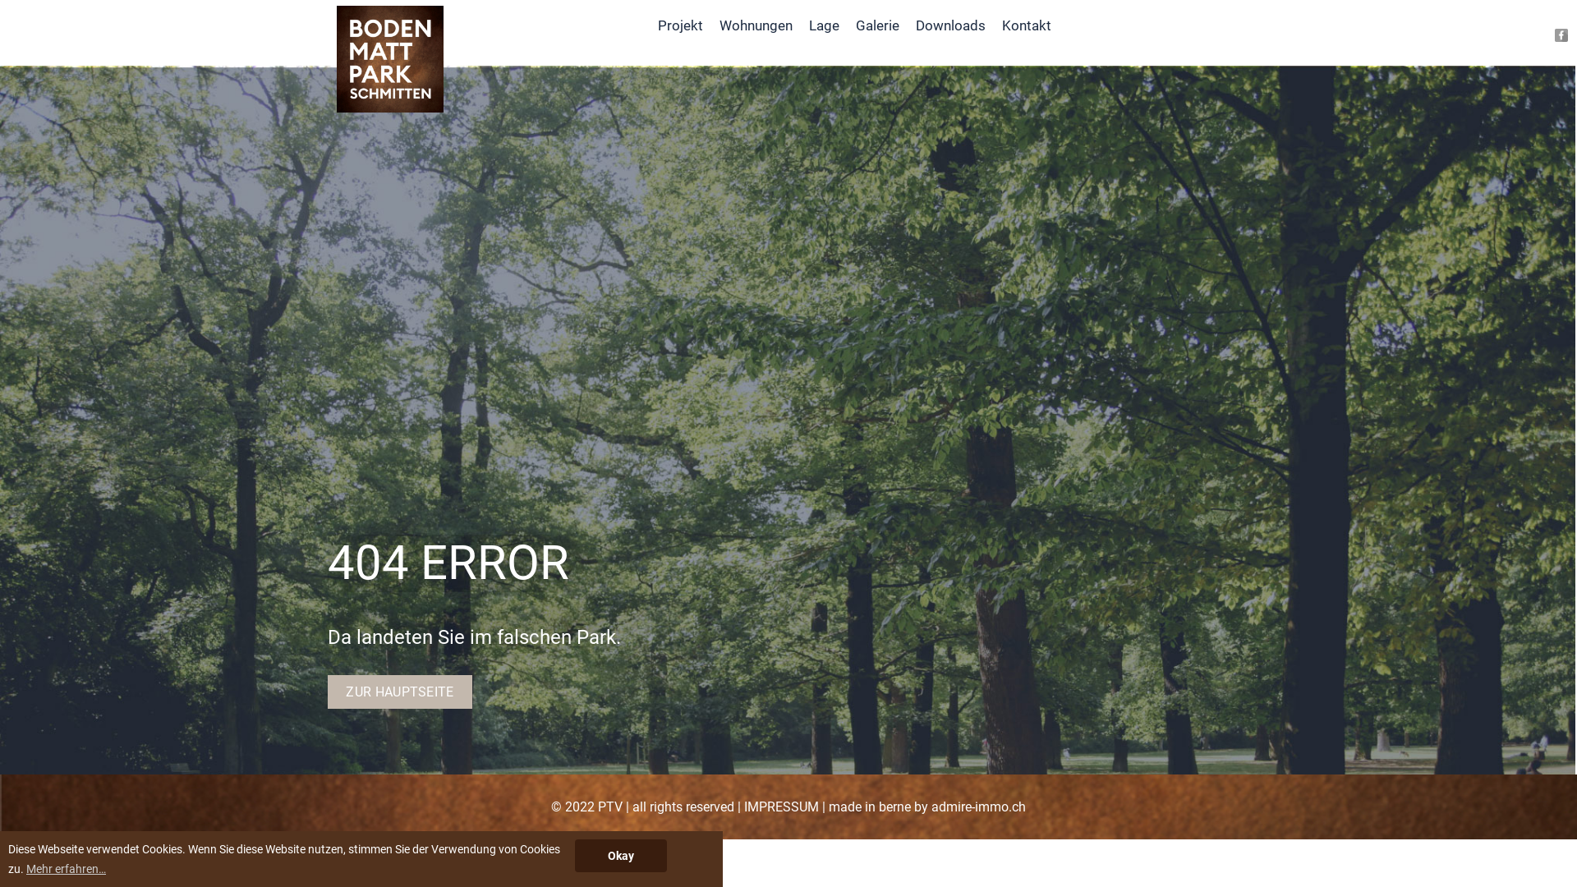 This screenshot has width=1577, height=887. What do you see at coordinates (1025, 25) in the screenshot?
I see `'Kontakt'` at bounding box center [1025, 25].